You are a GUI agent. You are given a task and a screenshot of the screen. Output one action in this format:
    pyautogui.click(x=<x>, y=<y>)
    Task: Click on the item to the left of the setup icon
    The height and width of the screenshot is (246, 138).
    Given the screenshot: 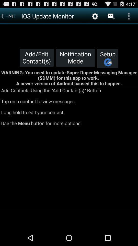 What is the action you would take?
    pyautogui.click(x=75, y=57)
    